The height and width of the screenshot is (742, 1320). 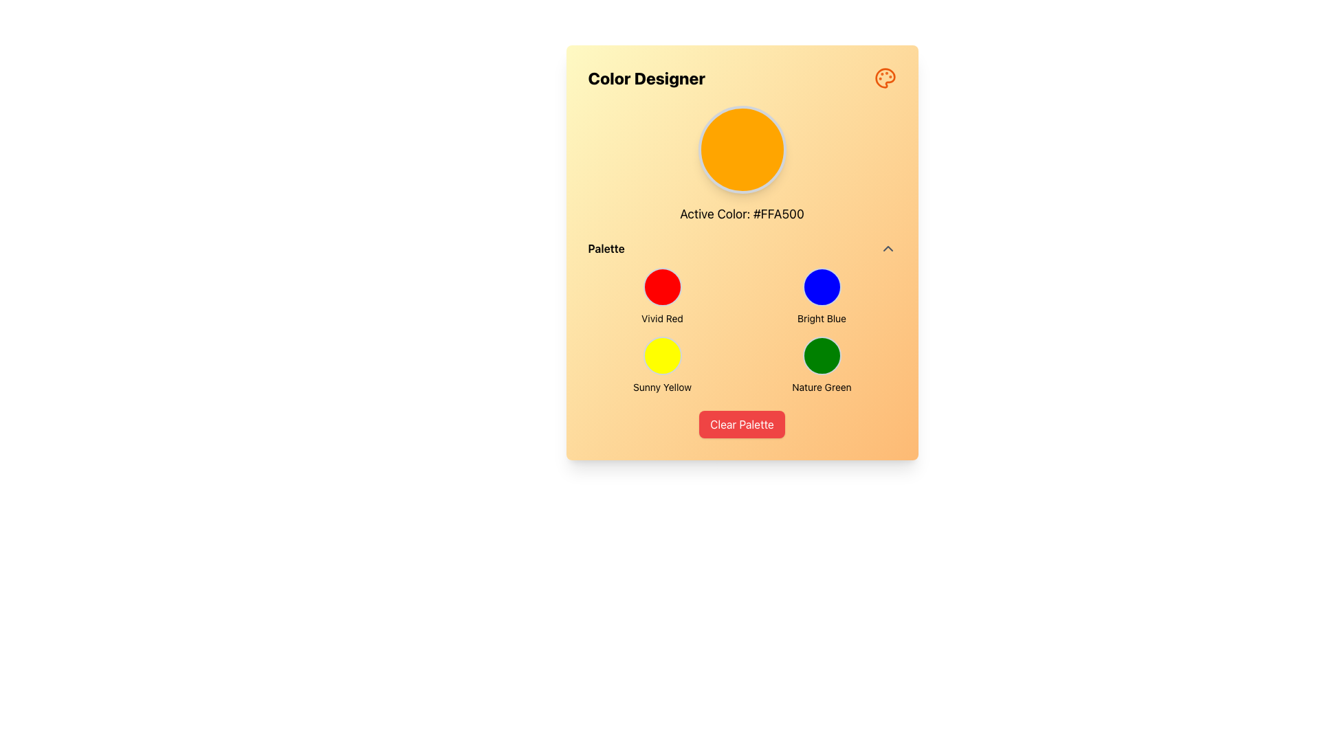 What do you see at coordinates (822, 318) in the screenshot?
I see `the text label 'Bright Blue' located in the 'Color Designer' dialog under the 'Palette' section` at bounding box center [822, 318].